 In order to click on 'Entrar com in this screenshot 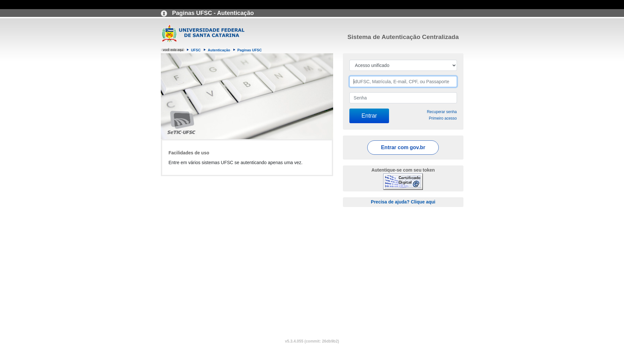, I will do `click(402, 148)`.